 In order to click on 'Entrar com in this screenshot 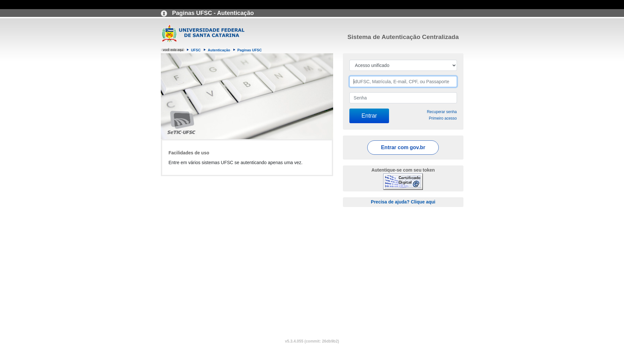, I will do `click(402, 148)`.